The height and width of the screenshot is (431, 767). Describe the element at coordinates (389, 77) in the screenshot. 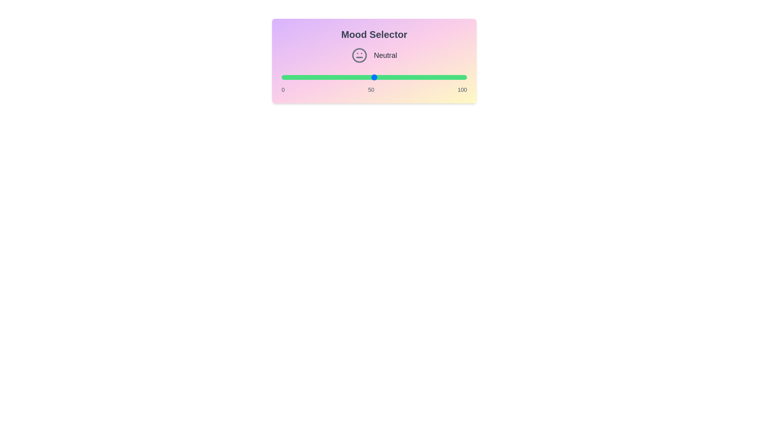

I see `the slider to set the mood value to 58` at that location.